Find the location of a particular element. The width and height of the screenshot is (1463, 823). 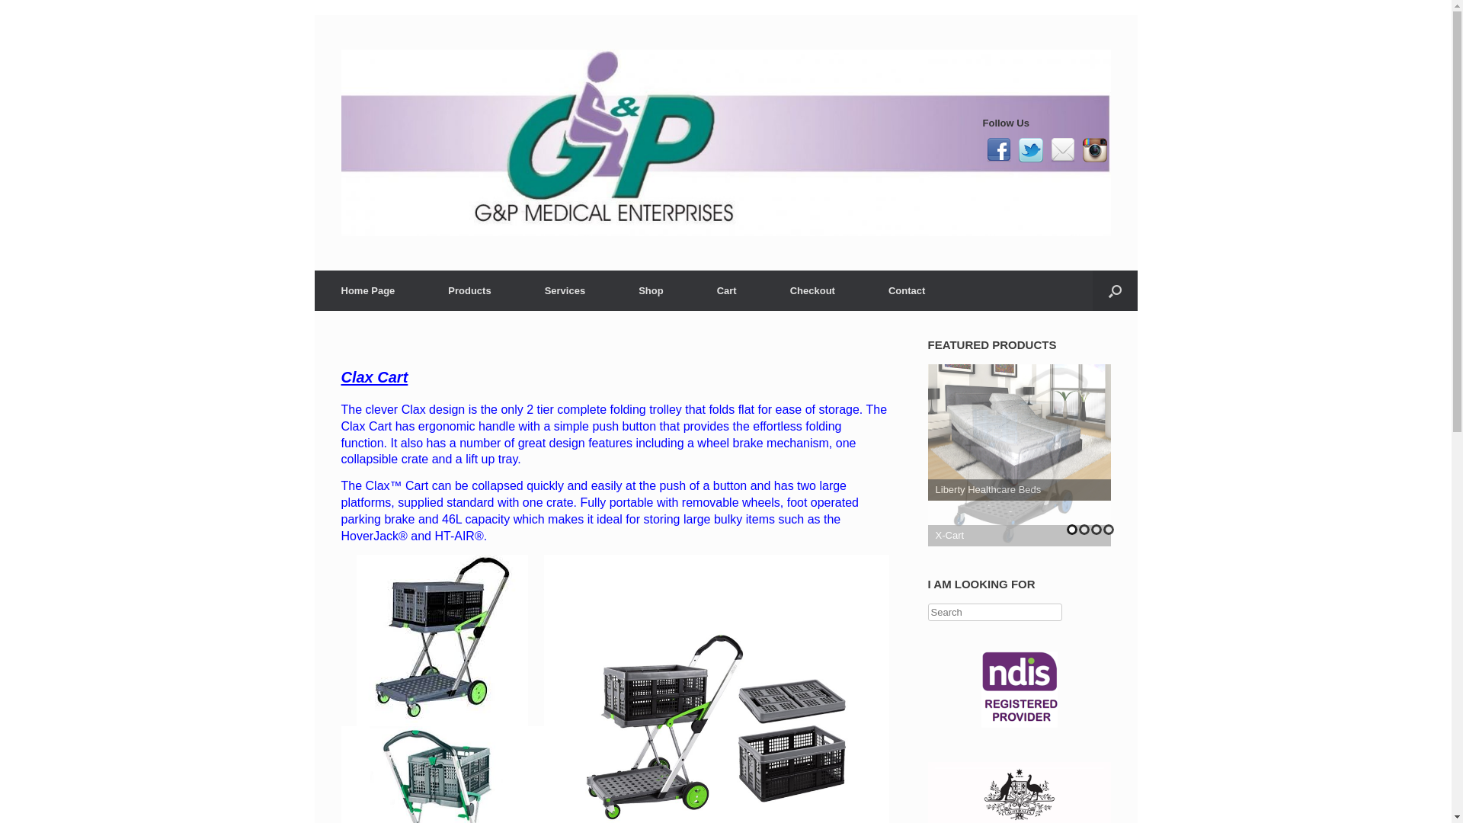

'1' is located at coordinates (1071, 528).